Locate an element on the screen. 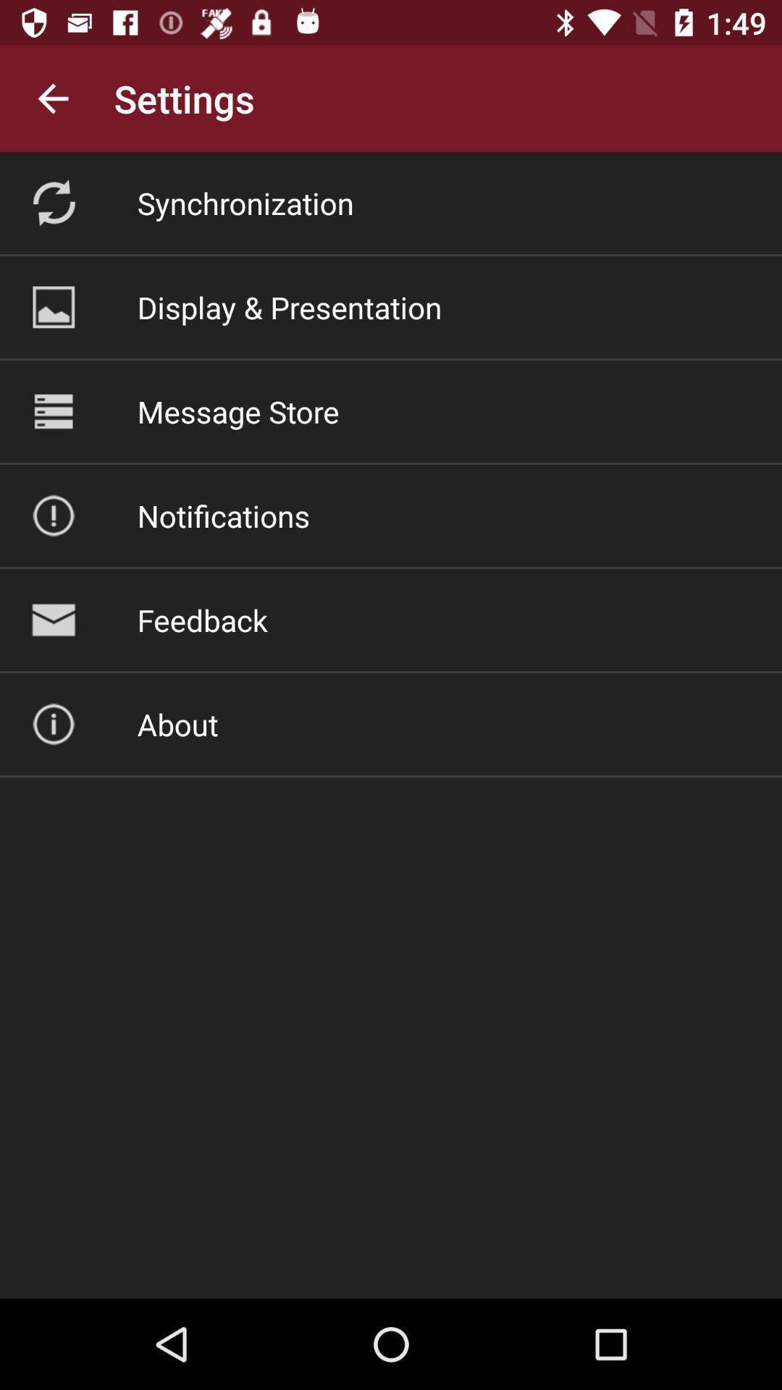 This screenshot has height=1390, width=782. the item above the notifications is located at coordinates (237, 410).